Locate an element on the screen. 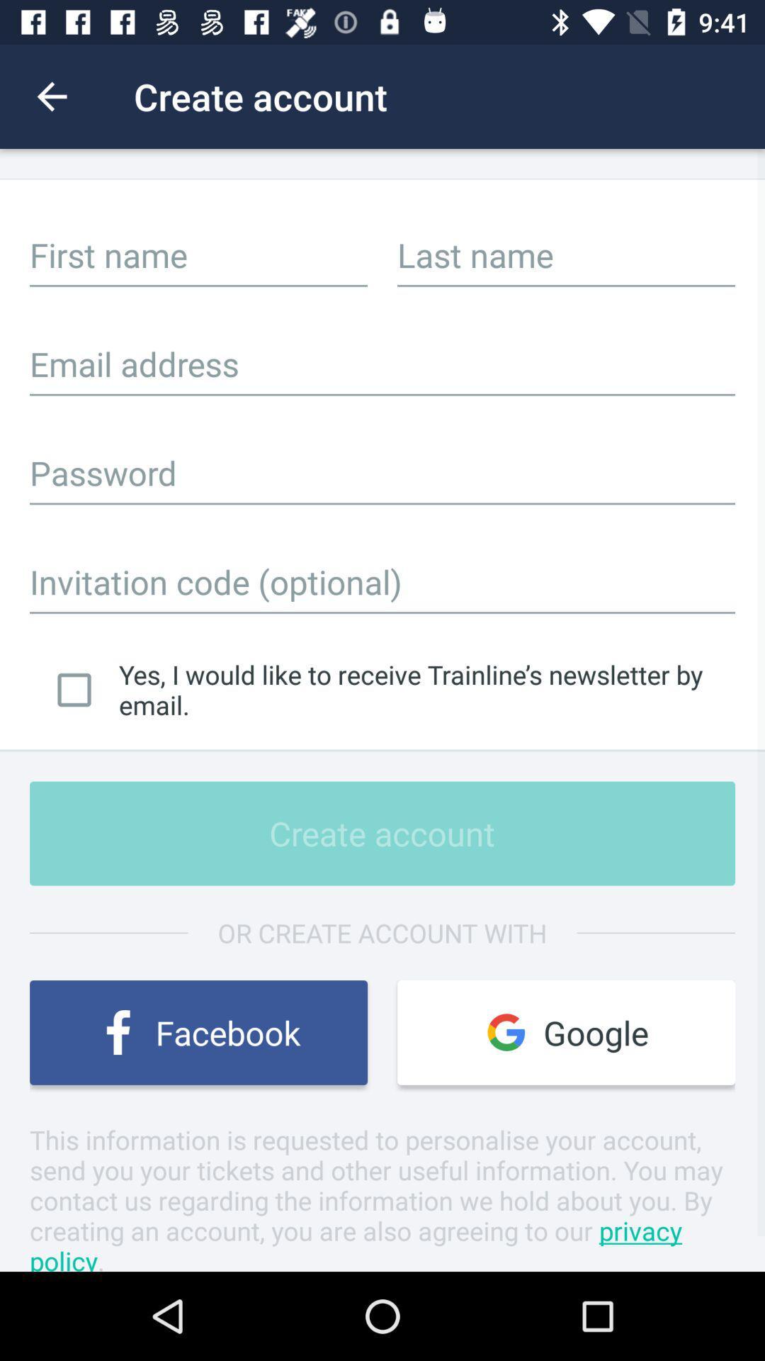 The height and width of the screenshot is (1361, 765). first name is located at coordinates (198, 254).